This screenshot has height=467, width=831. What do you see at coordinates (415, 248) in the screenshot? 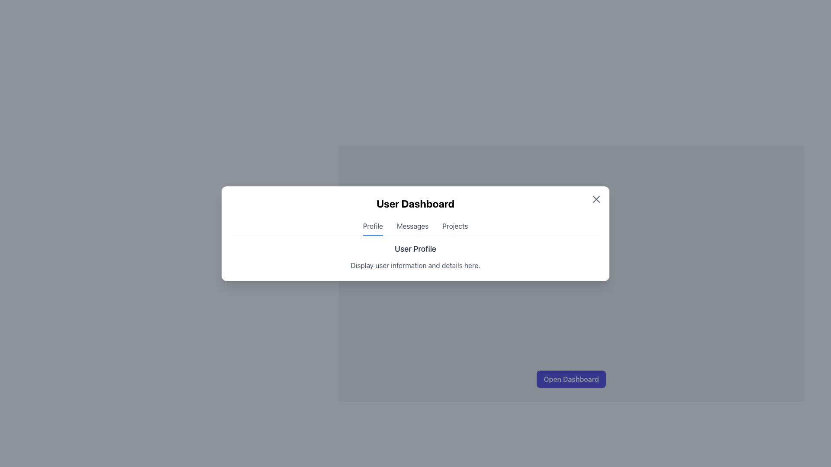
I see `the 'User Profile' text label, which is a bold and larger gray font displayed in the center of a modal dialog box` at bounding box center [415, 248].